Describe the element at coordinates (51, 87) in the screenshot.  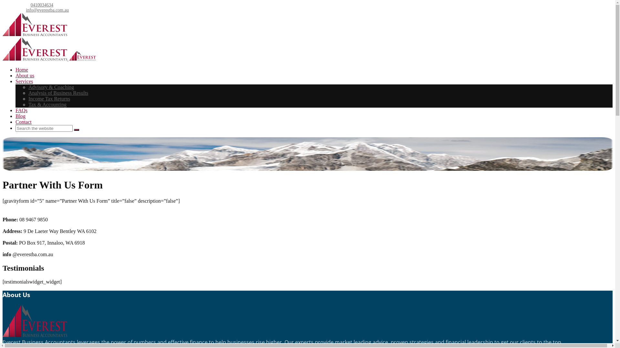
I see `'Advisory & Coaching'` at that location.